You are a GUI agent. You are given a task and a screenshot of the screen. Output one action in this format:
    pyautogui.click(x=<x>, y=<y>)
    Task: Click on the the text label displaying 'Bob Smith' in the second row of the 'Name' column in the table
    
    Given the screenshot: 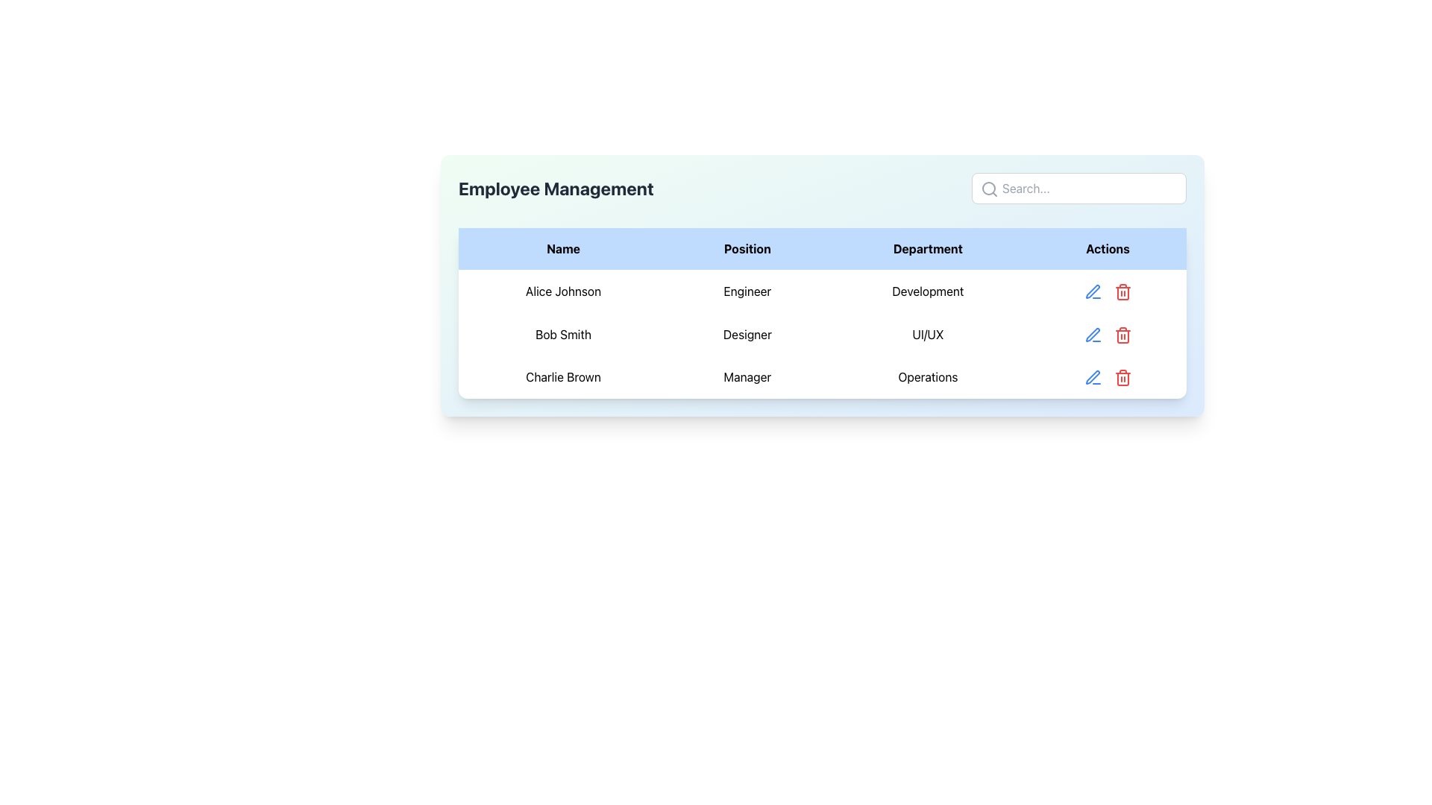 What is the action you would take?
    pyautogui.click(x=562, y=333)
    